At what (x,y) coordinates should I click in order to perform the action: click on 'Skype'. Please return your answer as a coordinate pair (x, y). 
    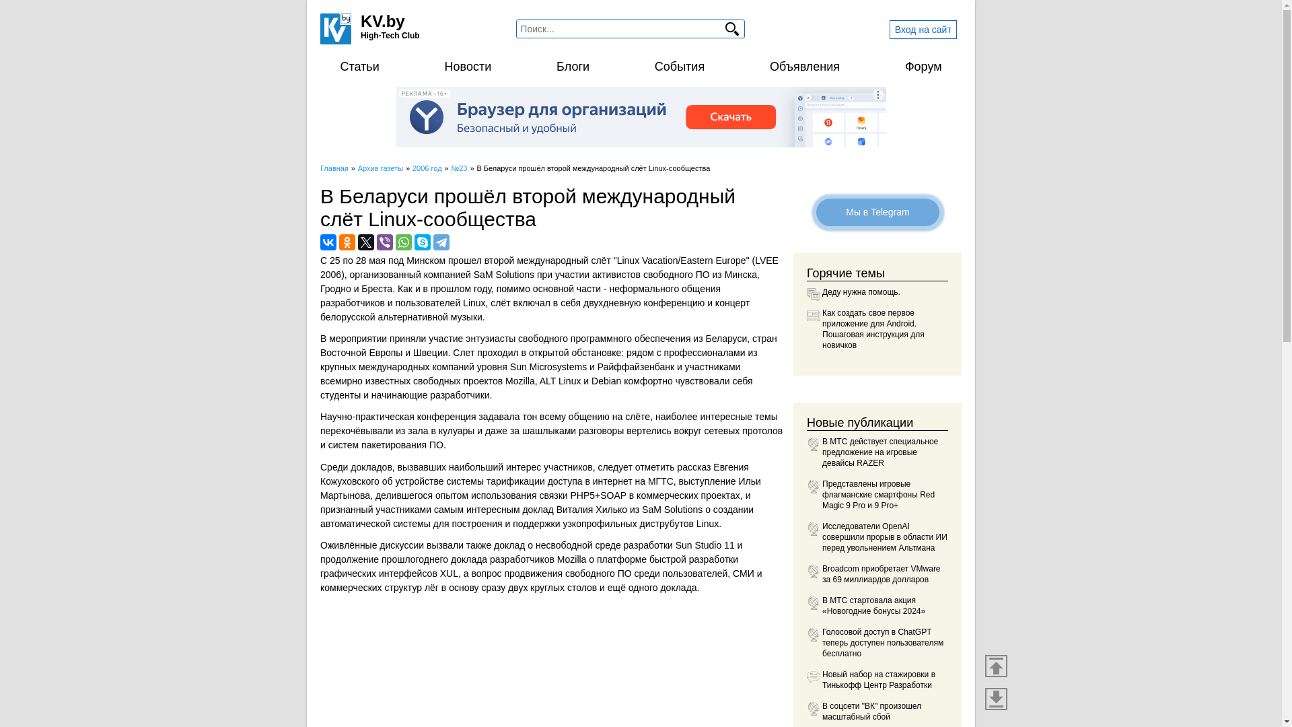
    Looking at the image, I should click on (422, 241).